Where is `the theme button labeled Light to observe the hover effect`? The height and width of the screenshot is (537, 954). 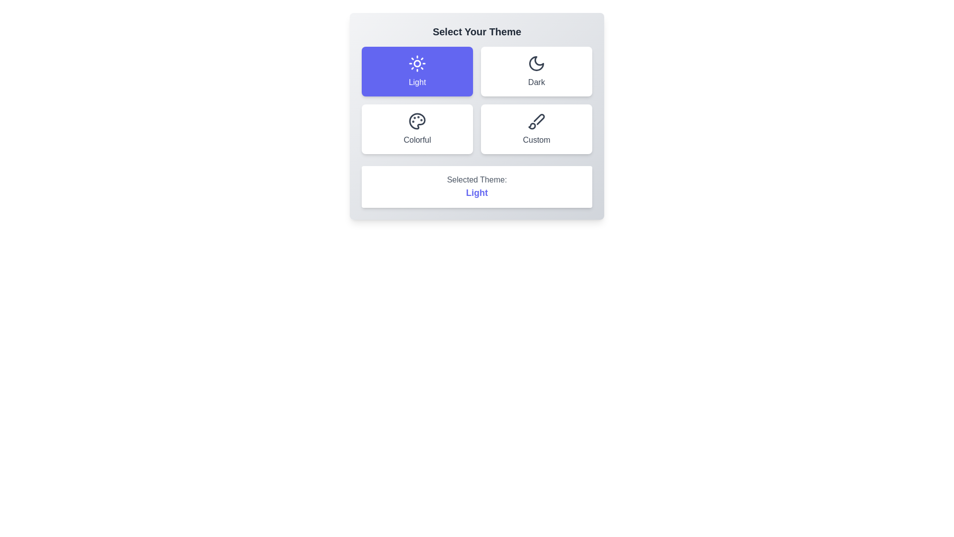 the theme button labeled Light to observe the hover effect is located at coordinates (417, 71).